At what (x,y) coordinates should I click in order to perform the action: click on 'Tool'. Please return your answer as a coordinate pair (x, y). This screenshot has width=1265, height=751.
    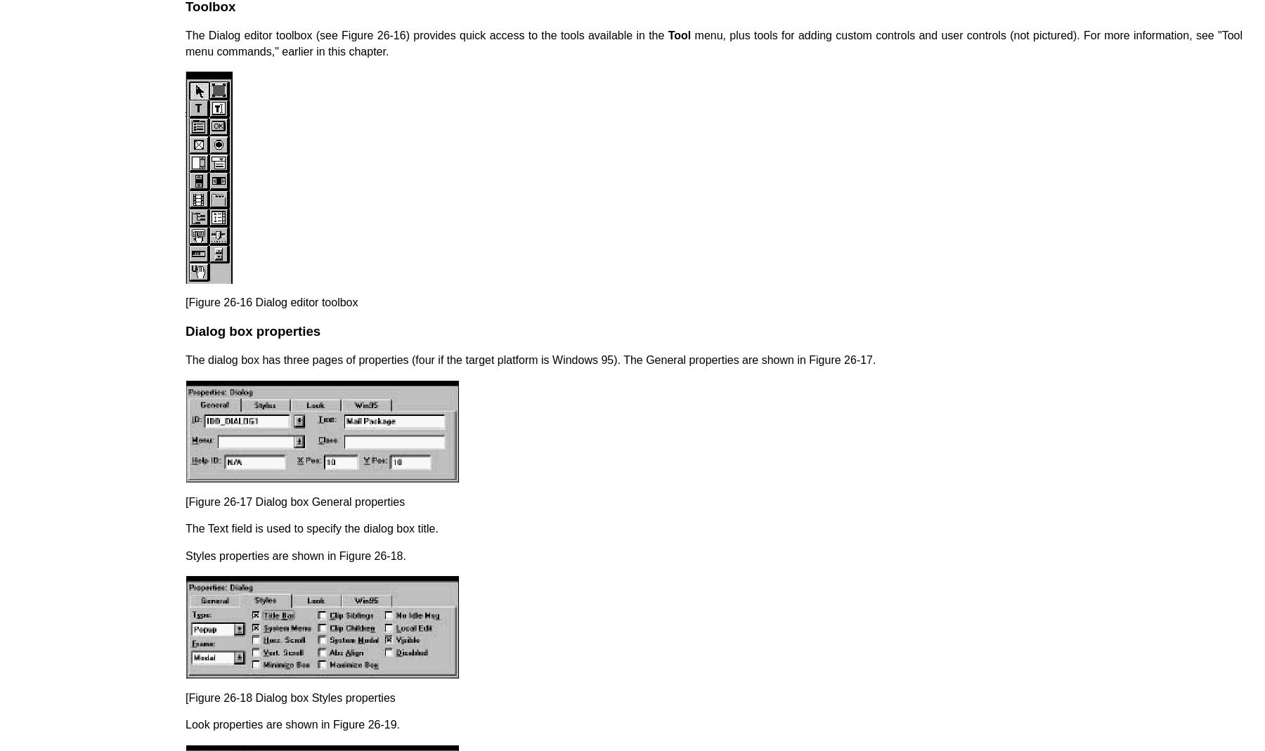
    Looking at the image, I should click on (678, 34).